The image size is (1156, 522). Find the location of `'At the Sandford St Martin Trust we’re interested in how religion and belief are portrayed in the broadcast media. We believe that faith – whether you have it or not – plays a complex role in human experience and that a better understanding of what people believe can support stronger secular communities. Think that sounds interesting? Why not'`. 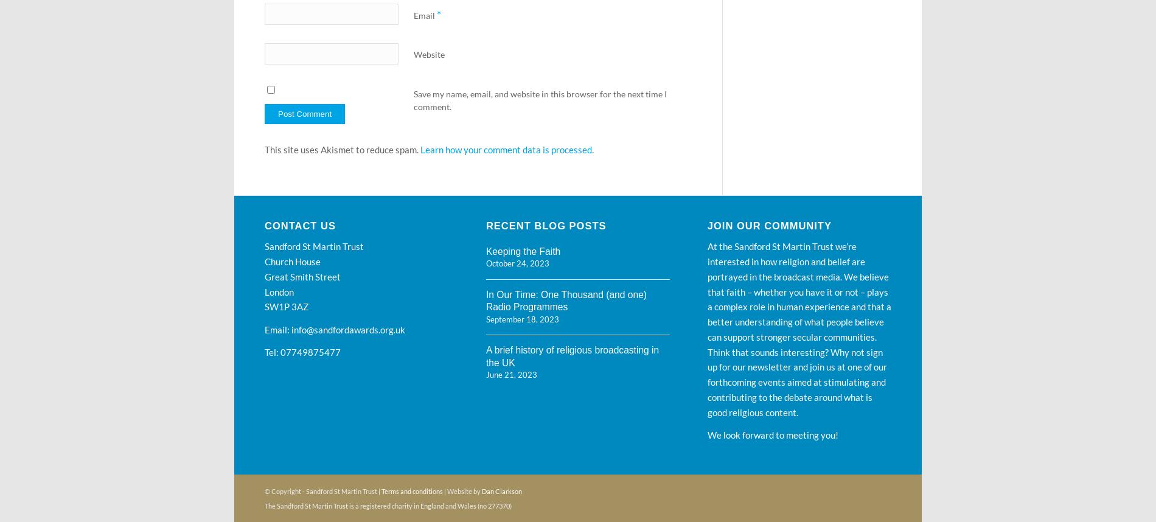

'At the Sandford St Martin Trust we’re interested in how religion and belief are portrayed in the broadcast media. We believe that faith – whether you have it or not – plays a complex role in human experience and that a better understanding of what people believe can support stronger secular communities. Think that sounds interesting? Why not' is located at coordinates (798, 298).